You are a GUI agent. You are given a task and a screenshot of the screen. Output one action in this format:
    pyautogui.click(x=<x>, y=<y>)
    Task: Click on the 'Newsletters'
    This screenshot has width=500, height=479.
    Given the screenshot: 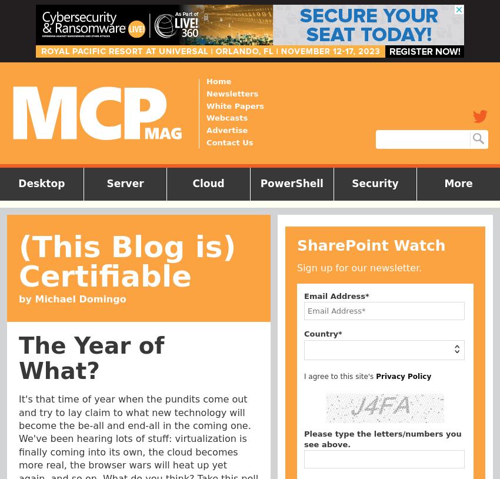 What is the action you would take?
    pyautogui.click(x=232, y=92)
    